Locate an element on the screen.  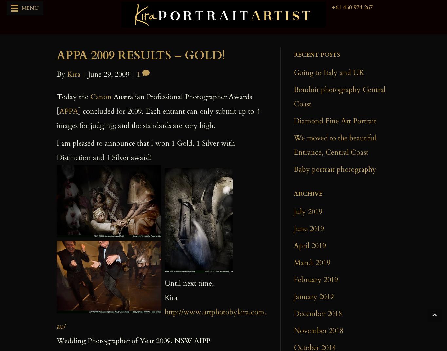
'ARchive' is located at coordinates (308, 194).